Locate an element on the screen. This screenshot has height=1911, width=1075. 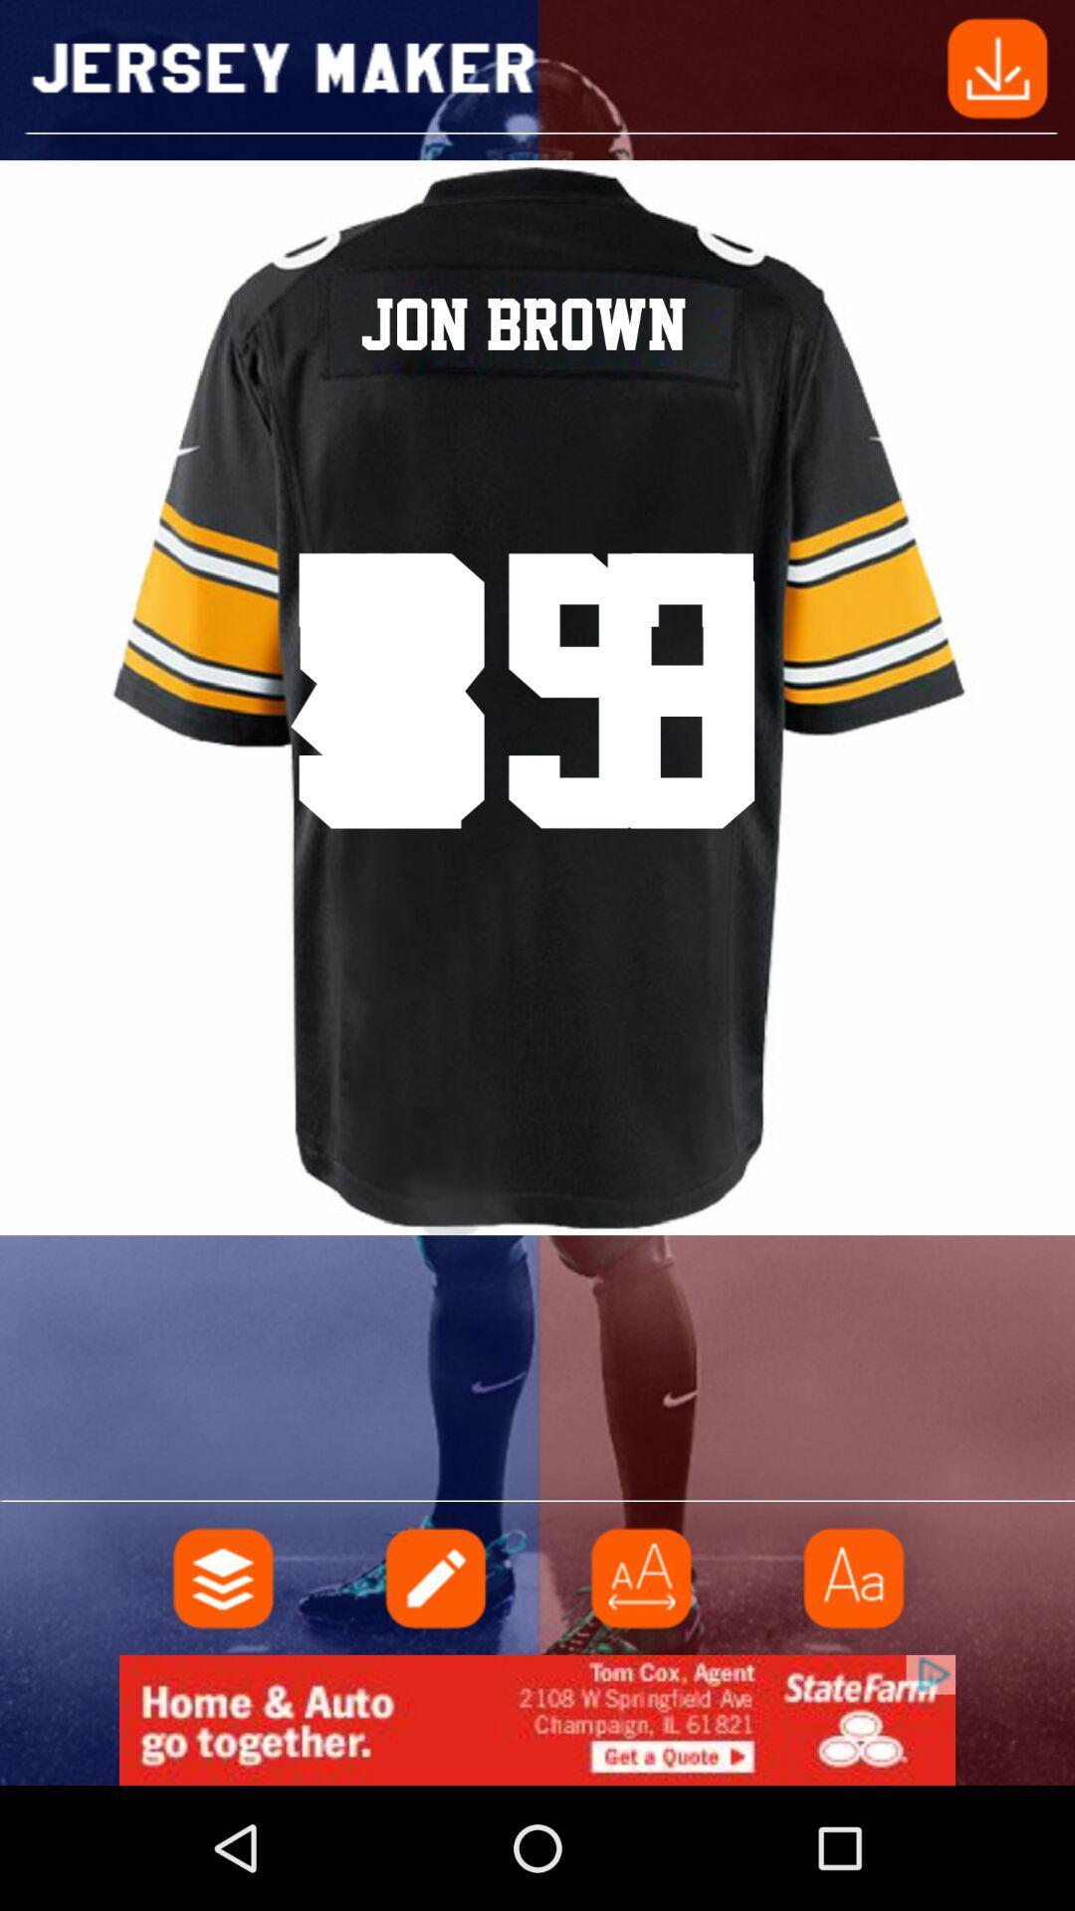
clickable advertisement is located at coordinates (537, 1719).